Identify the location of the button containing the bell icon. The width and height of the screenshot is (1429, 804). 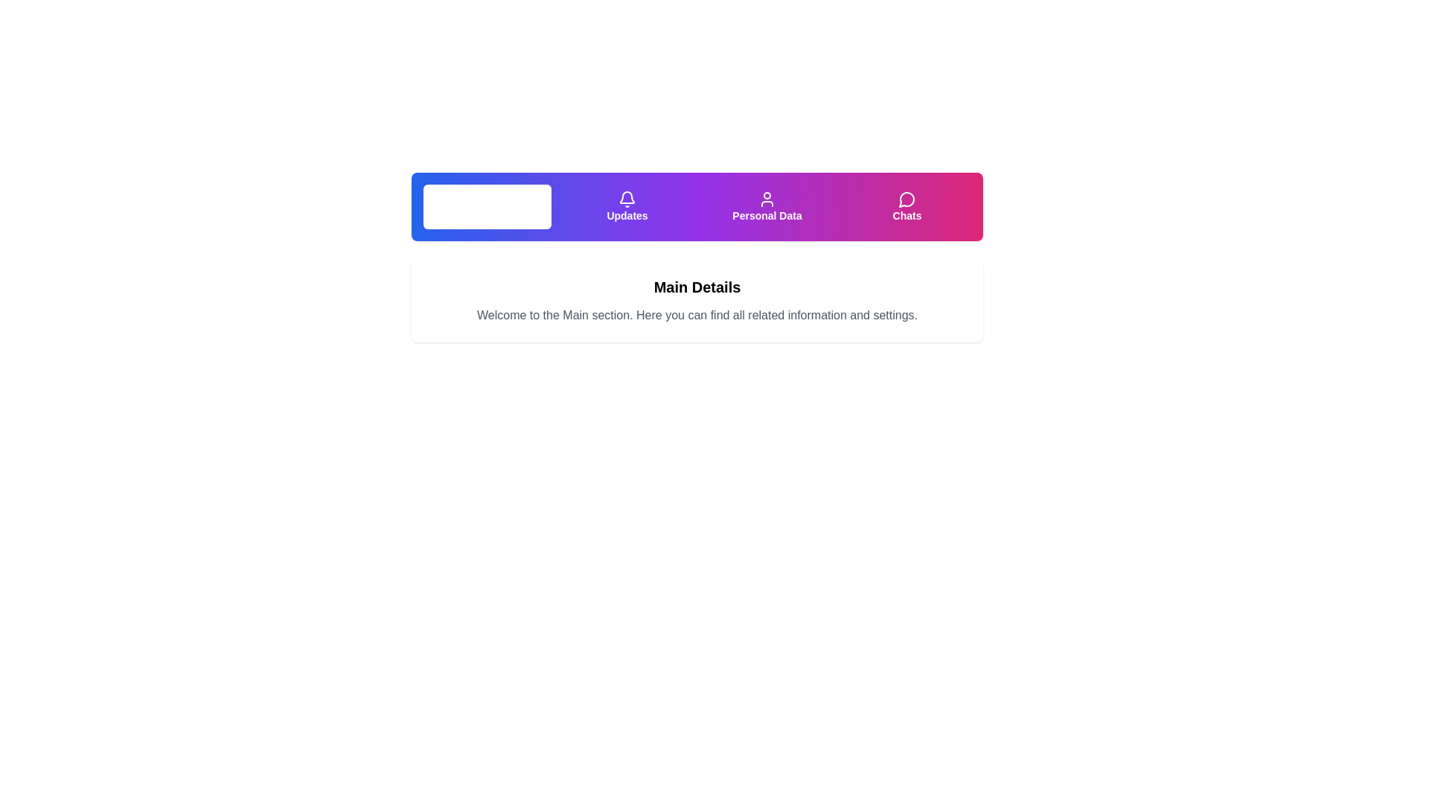
(627, 198).